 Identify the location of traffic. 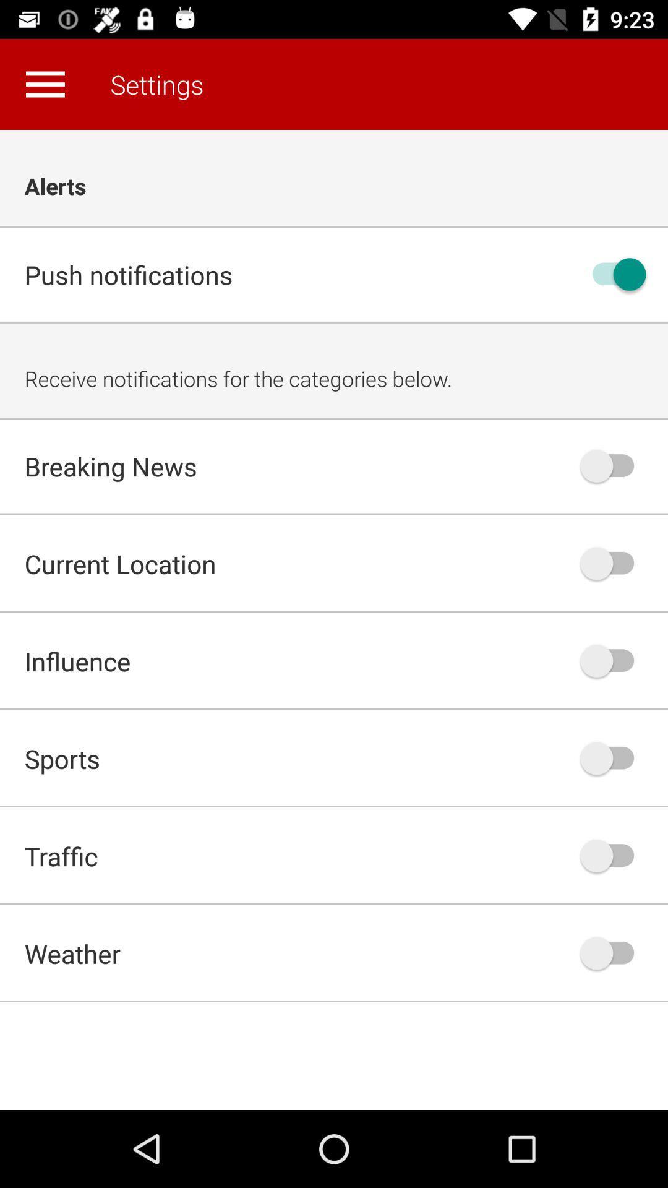
(613, 855).